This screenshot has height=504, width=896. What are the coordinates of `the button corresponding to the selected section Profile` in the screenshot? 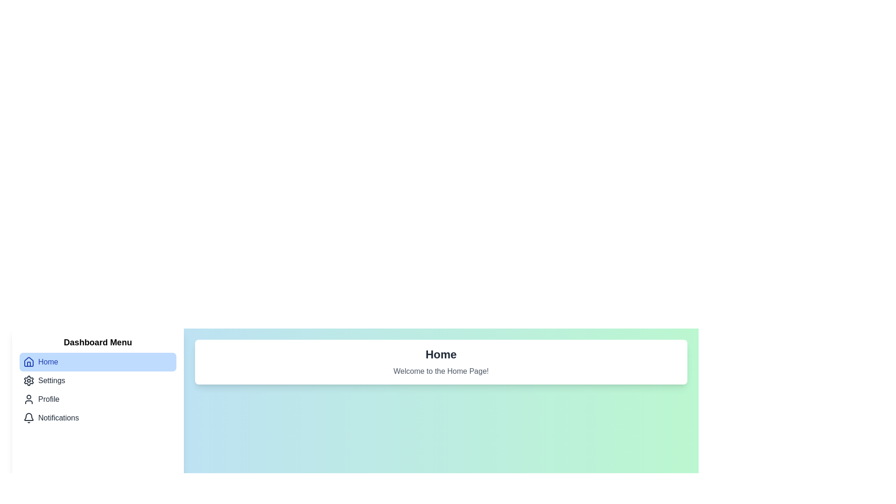 It's located at (98, 399).